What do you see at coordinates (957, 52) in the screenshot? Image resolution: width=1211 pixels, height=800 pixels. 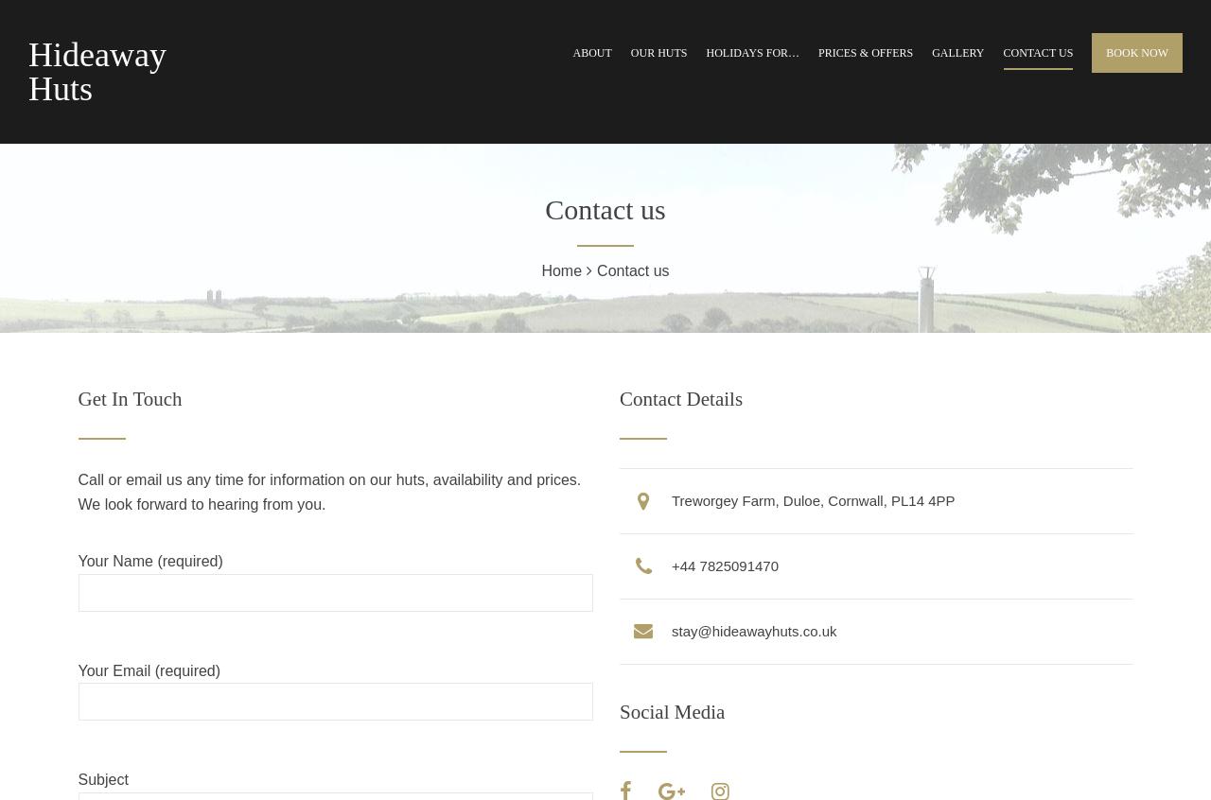 I see `'Gallery'` at bounding box center [957, 52].